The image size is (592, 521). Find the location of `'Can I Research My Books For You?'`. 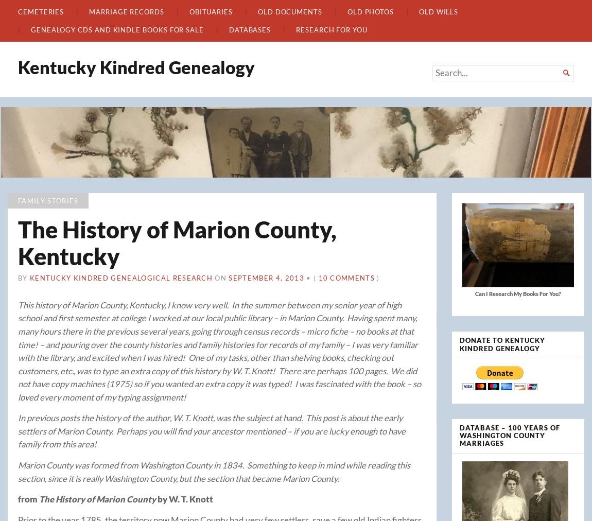

'Can I Research My Books For You?' is located at coordinates (517, 291).